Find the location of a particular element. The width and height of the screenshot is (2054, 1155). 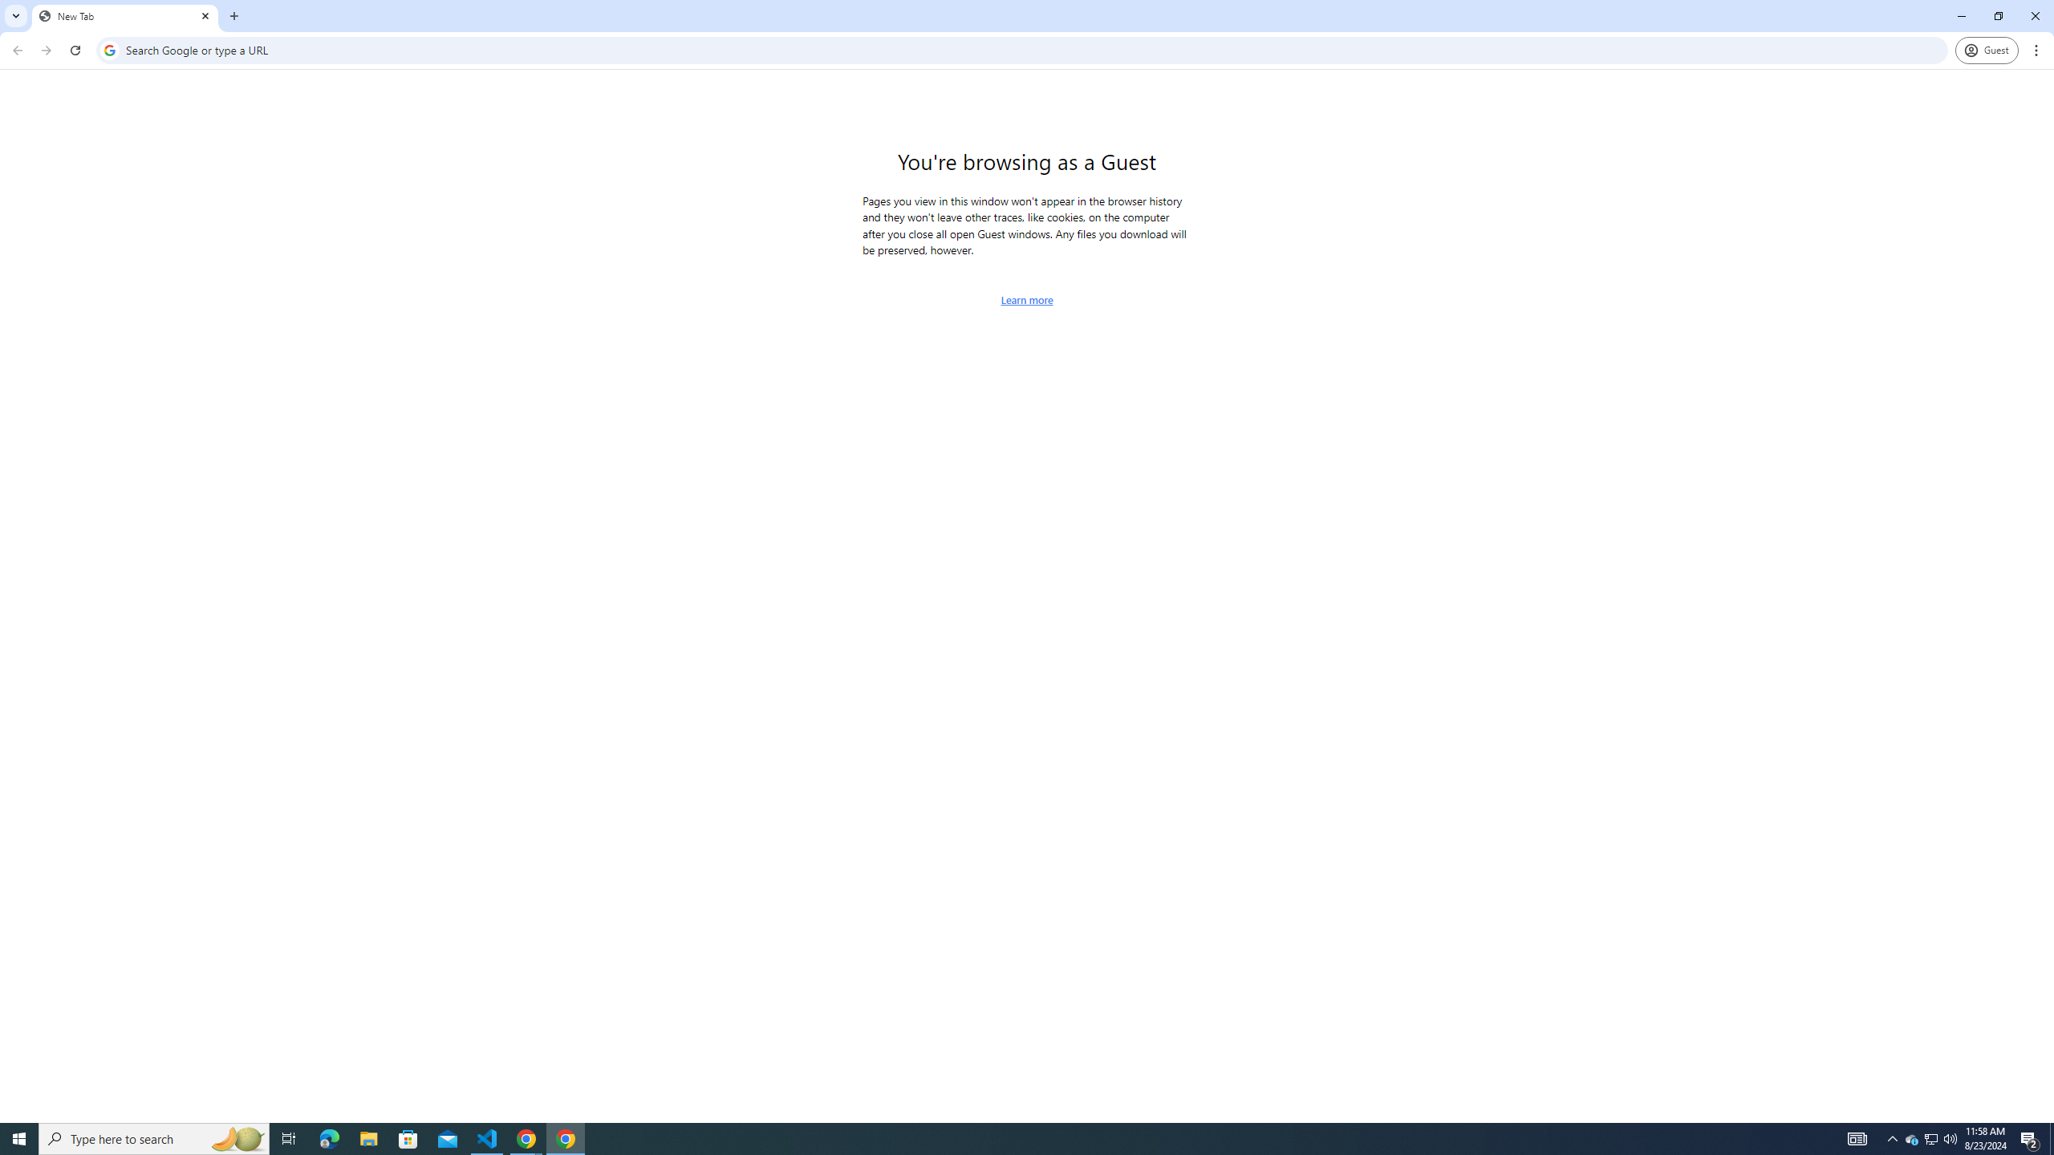

'Guest' is located at coordinates (1986, 50).